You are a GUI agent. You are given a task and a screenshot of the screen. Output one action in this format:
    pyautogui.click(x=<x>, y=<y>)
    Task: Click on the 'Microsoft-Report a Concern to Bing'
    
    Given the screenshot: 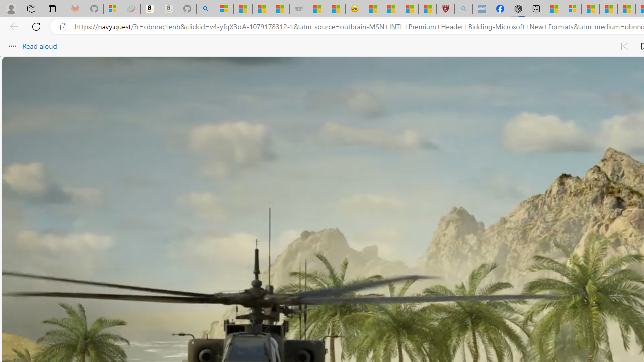 What is the action you would take?
    pyautogui.click(x=113, y=9)
    